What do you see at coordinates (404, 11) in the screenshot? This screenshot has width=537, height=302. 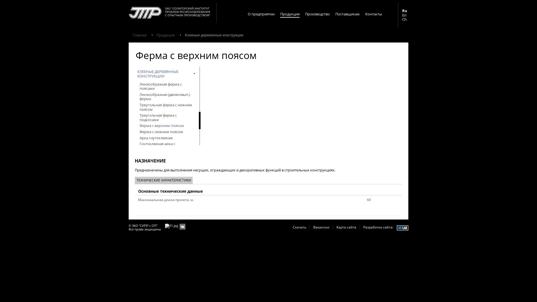 I see `'Ru'` at bounding box center [404, 11].